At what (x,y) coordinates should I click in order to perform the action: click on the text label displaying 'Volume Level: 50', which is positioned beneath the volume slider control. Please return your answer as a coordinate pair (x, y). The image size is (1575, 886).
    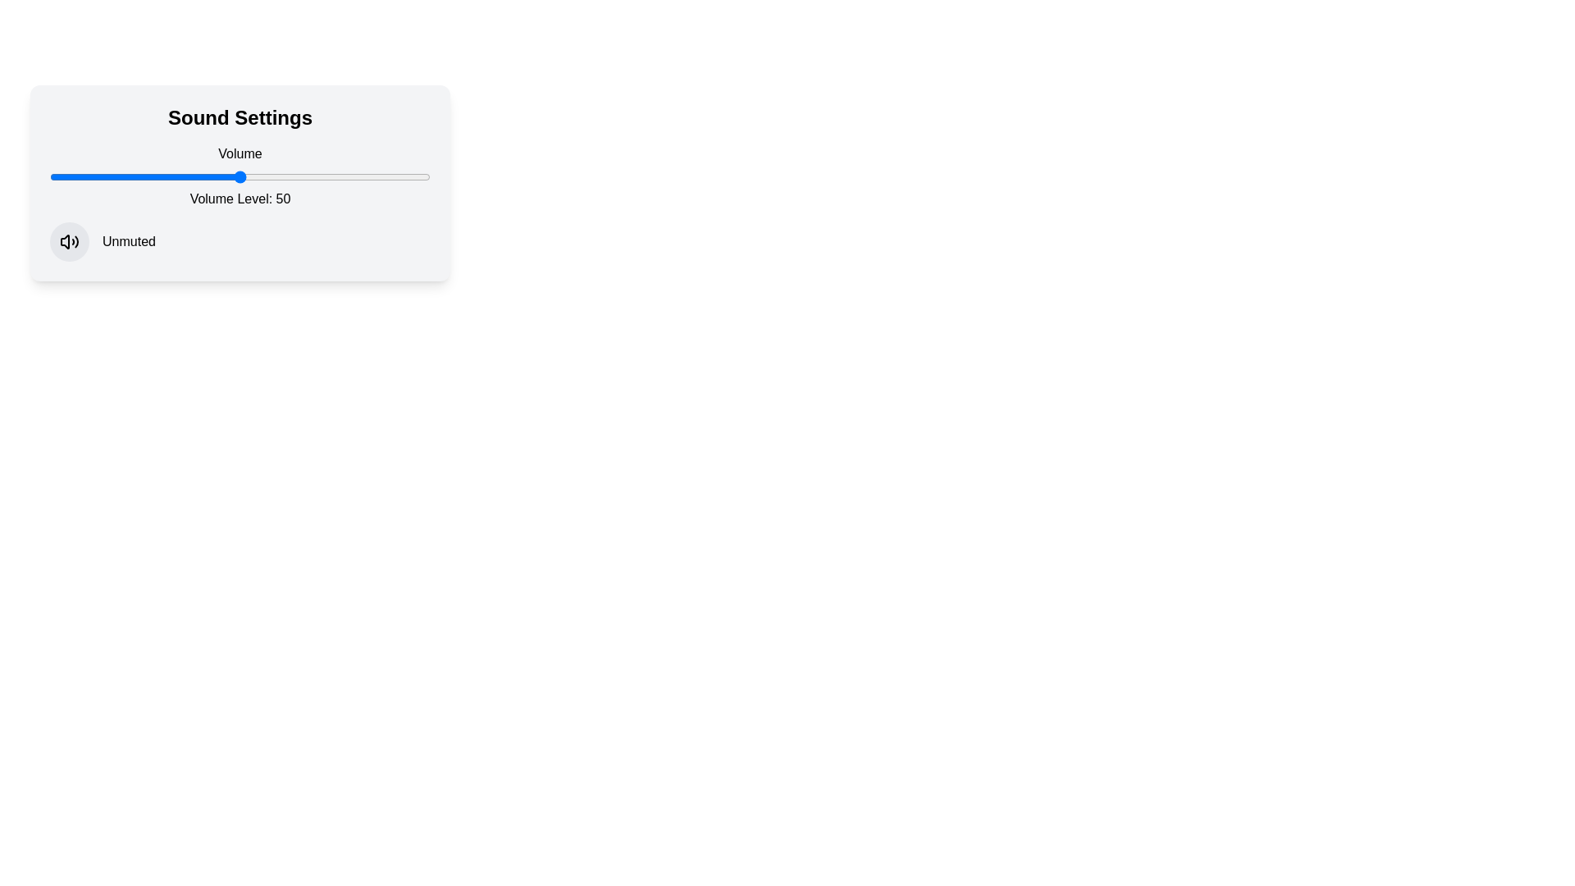
    Looking at the image, I should click on (239, 199).